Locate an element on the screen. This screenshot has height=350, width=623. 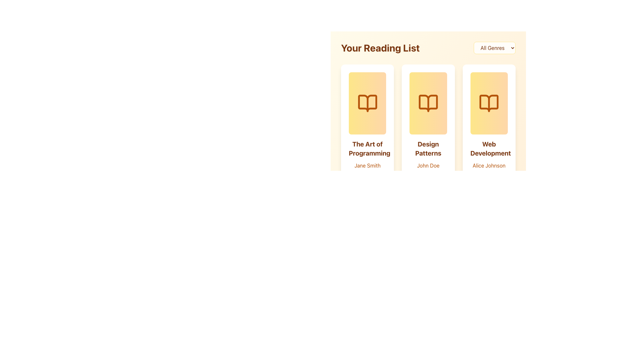
the text display component labeled 'Design Patterns' and 'John Doe' is located at coordinates (428, 168).